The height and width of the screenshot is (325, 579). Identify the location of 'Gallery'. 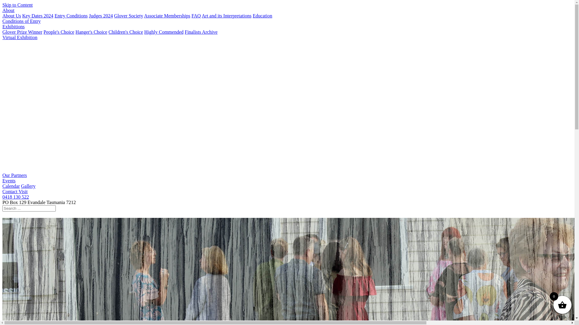
(28, 186).